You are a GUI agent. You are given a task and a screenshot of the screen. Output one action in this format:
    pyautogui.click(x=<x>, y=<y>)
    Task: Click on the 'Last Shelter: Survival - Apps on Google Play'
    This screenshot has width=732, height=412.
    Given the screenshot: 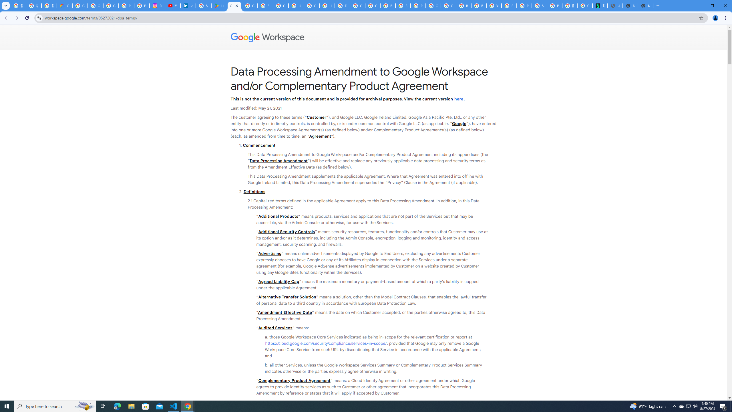 What is the action you would take?
    pyautogui.click(x=219, y=5)
    